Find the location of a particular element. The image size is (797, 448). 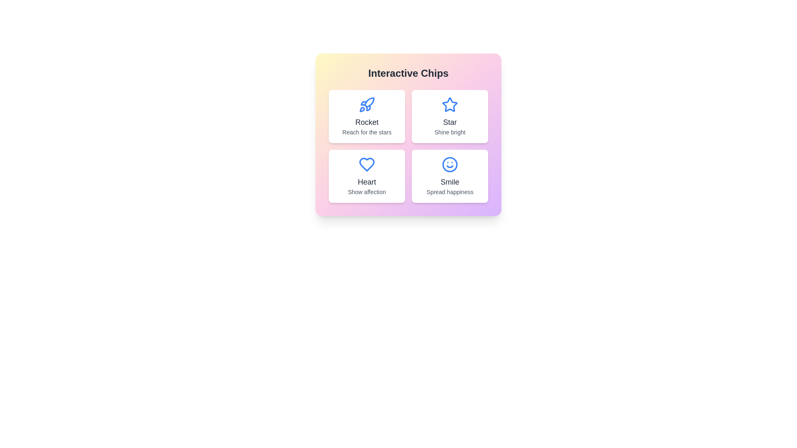

the icon of the chip labeled Star is located at coordinates (450, 105).